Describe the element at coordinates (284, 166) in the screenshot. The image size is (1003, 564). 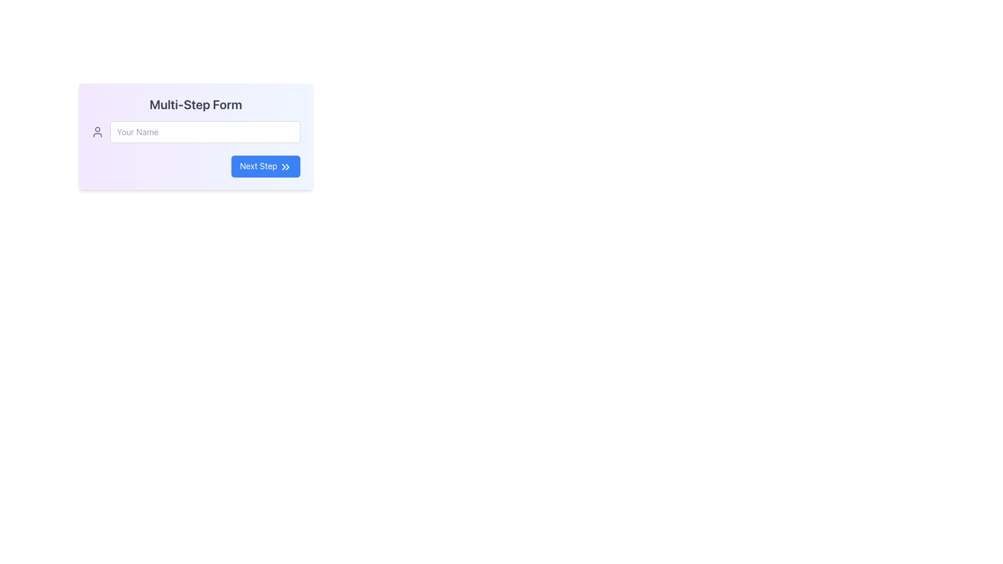
I see `the first chevron icon which is located within the button to the right of the 'Your Name' text input box and below the 'Multi-Step Form' heading` at that location.